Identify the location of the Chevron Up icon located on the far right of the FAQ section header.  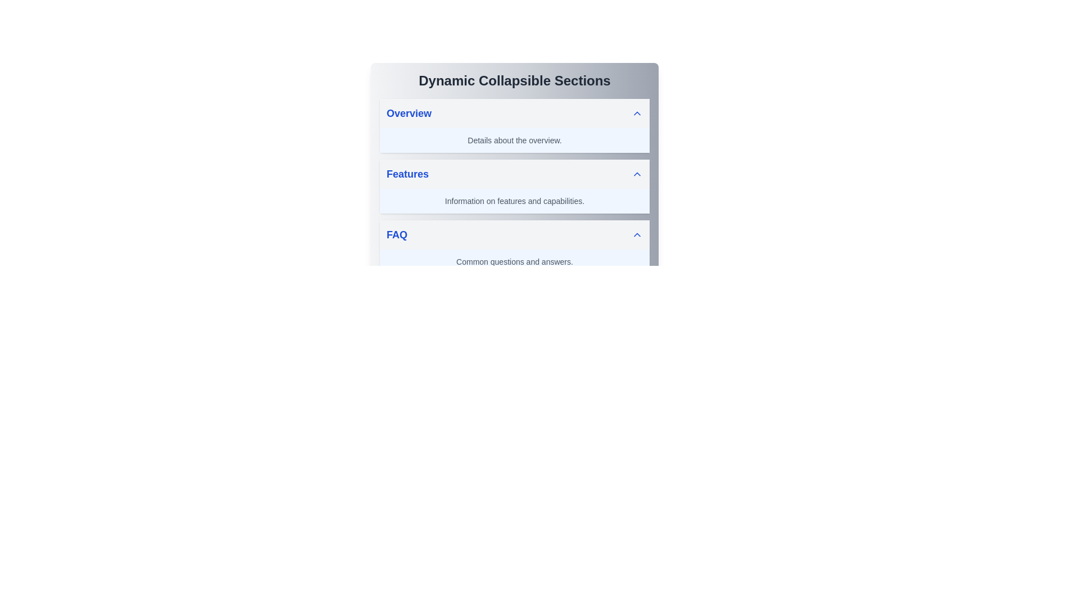
(637, 234).